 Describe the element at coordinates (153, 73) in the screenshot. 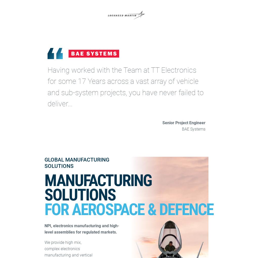

I see `'Modern Slavery Statement'` at that location.